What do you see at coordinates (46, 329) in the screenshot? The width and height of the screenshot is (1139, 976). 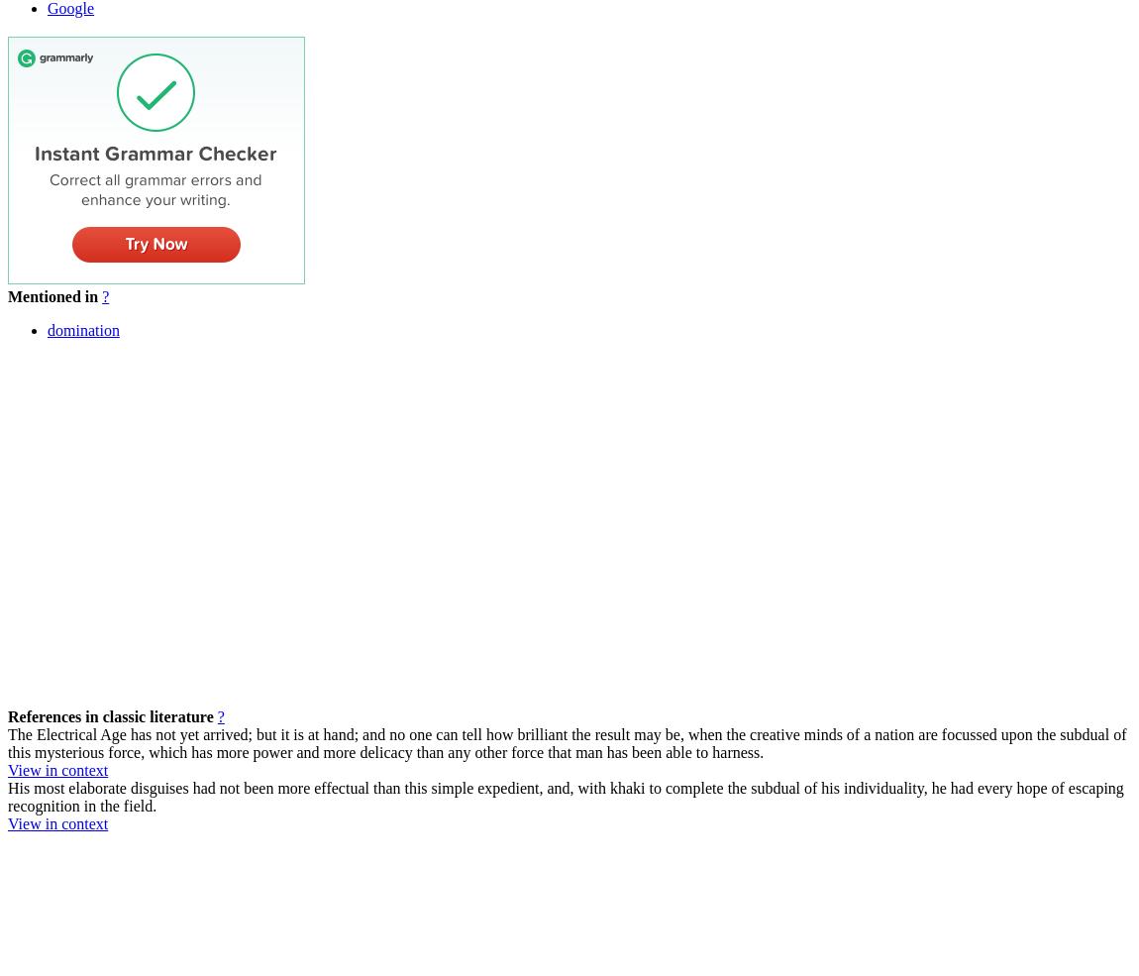 I see `'domination'` at bounding box center [46, 329].